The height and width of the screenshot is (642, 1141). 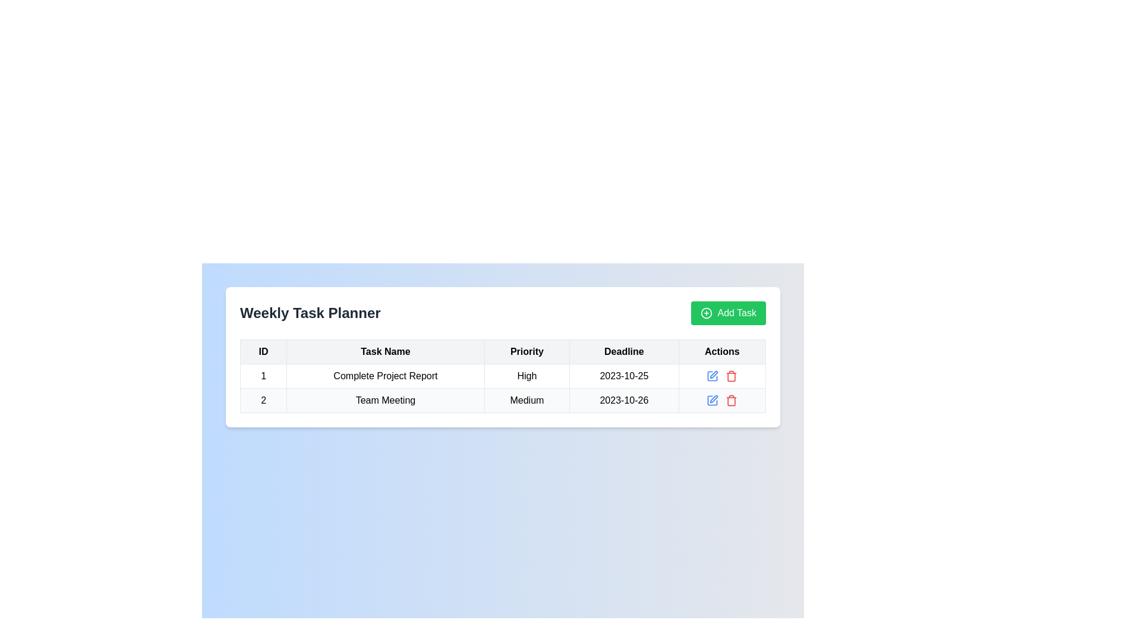 I want to click on the text label element displaying 'Priority', which is the third column header in the Weekly Task Planner table layout, so click(x=526, y=351).